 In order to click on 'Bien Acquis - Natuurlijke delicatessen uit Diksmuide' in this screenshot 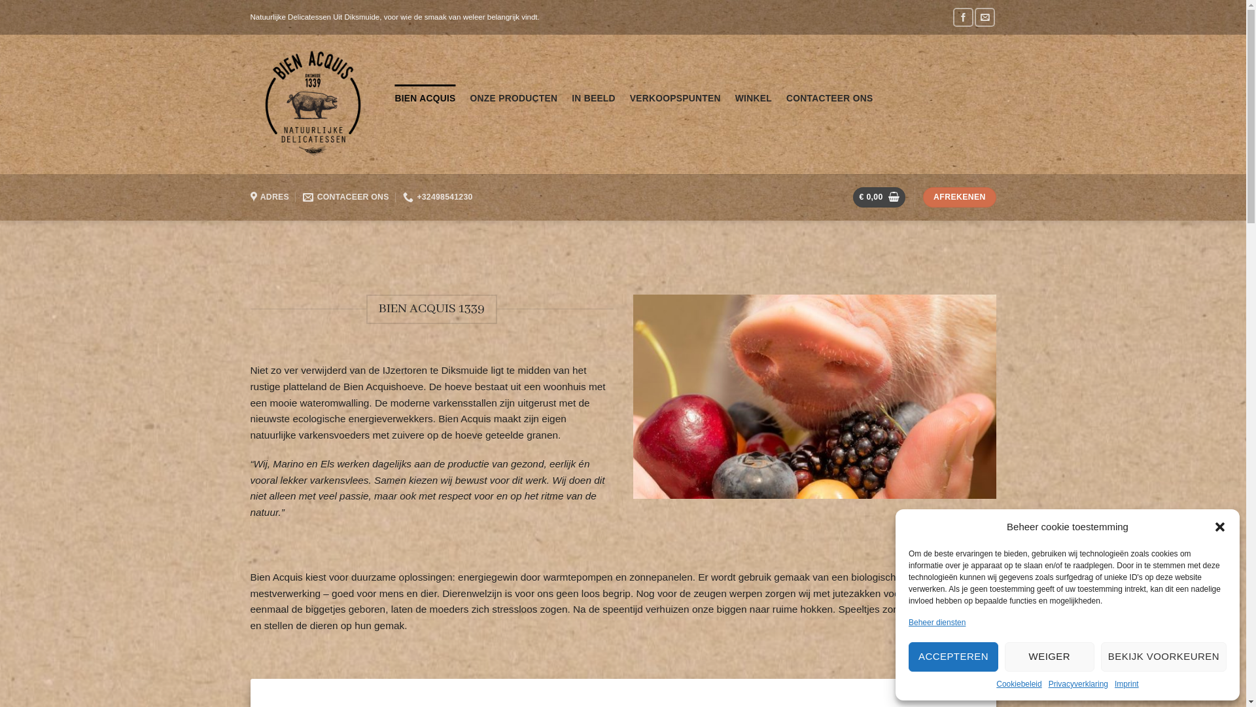, I will do `click(311, 103)`.